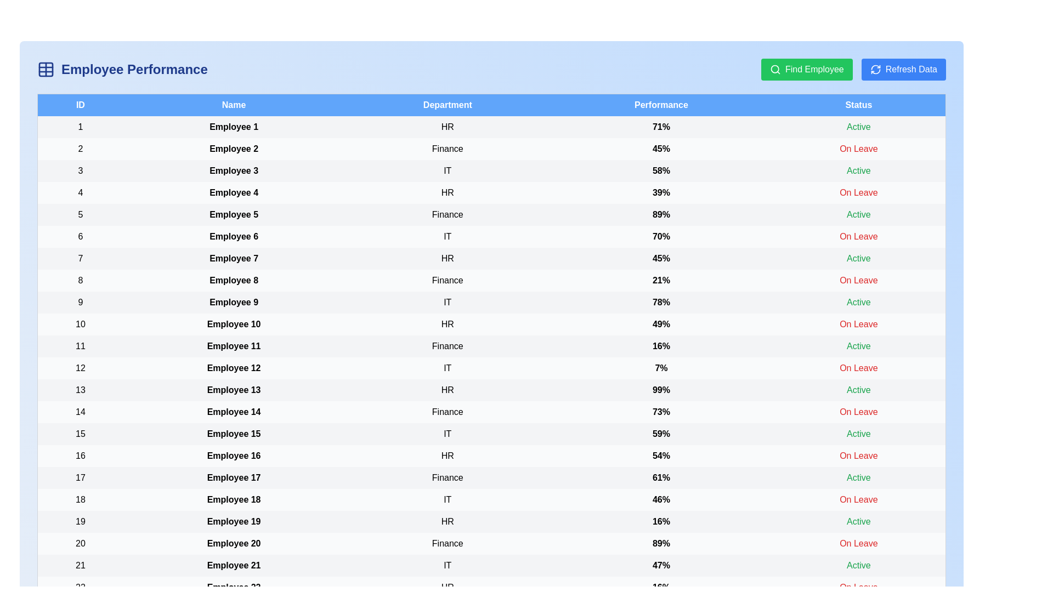 This screenshot has width=1053, height=592. I want to click on the header to sort by Status, so click(858, 105).